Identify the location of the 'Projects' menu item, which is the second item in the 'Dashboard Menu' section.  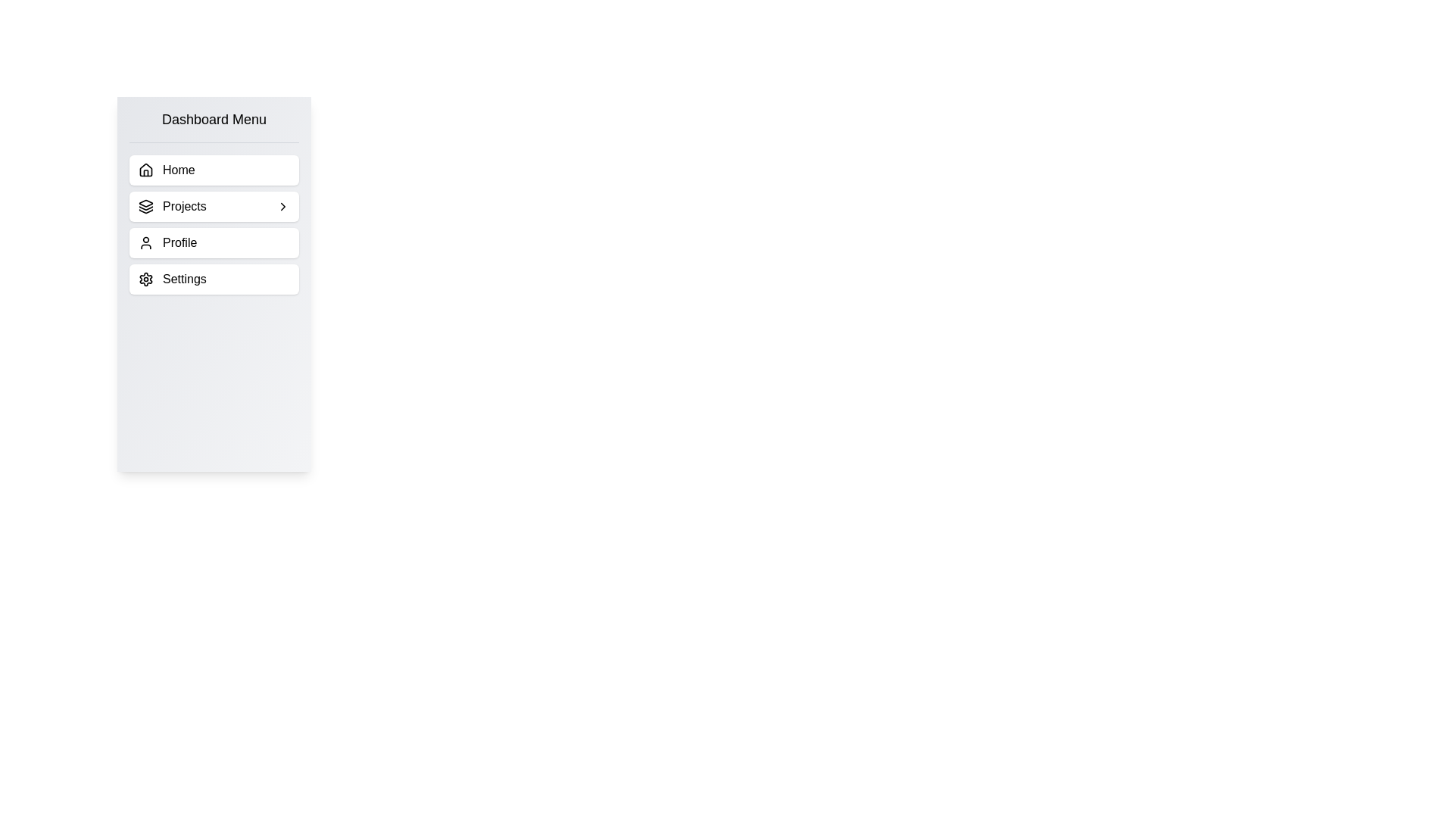
(214, 207).